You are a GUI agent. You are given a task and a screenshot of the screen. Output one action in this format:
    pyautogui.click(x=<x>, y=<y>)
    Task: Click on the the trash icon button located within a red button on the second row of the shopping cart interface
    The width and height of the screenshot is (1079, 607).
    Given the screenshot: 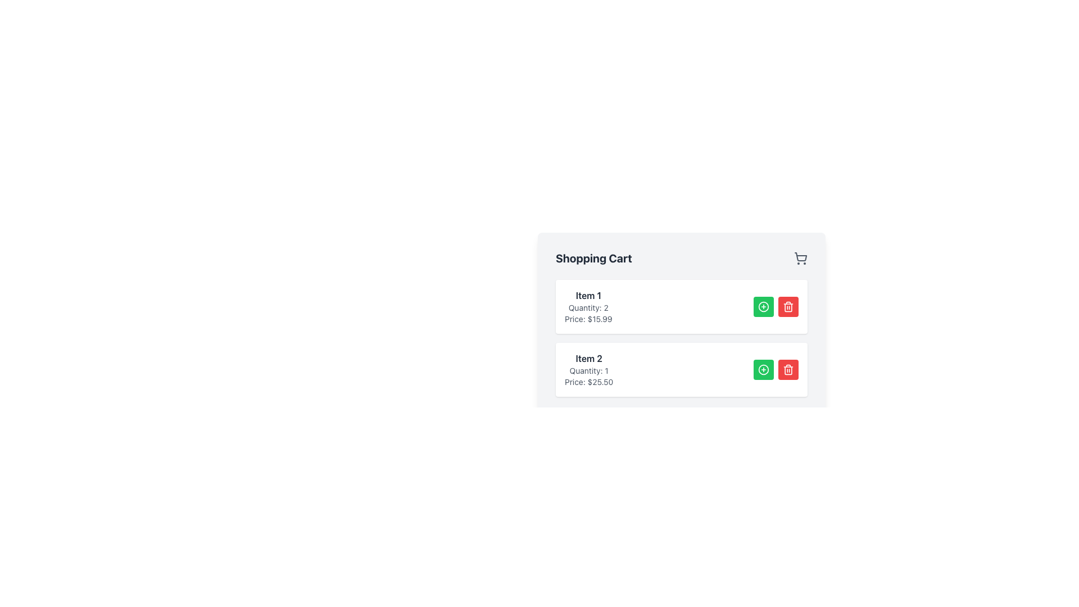 What is the action you would take?
    pyautogui.click(x=787, y=370)
    